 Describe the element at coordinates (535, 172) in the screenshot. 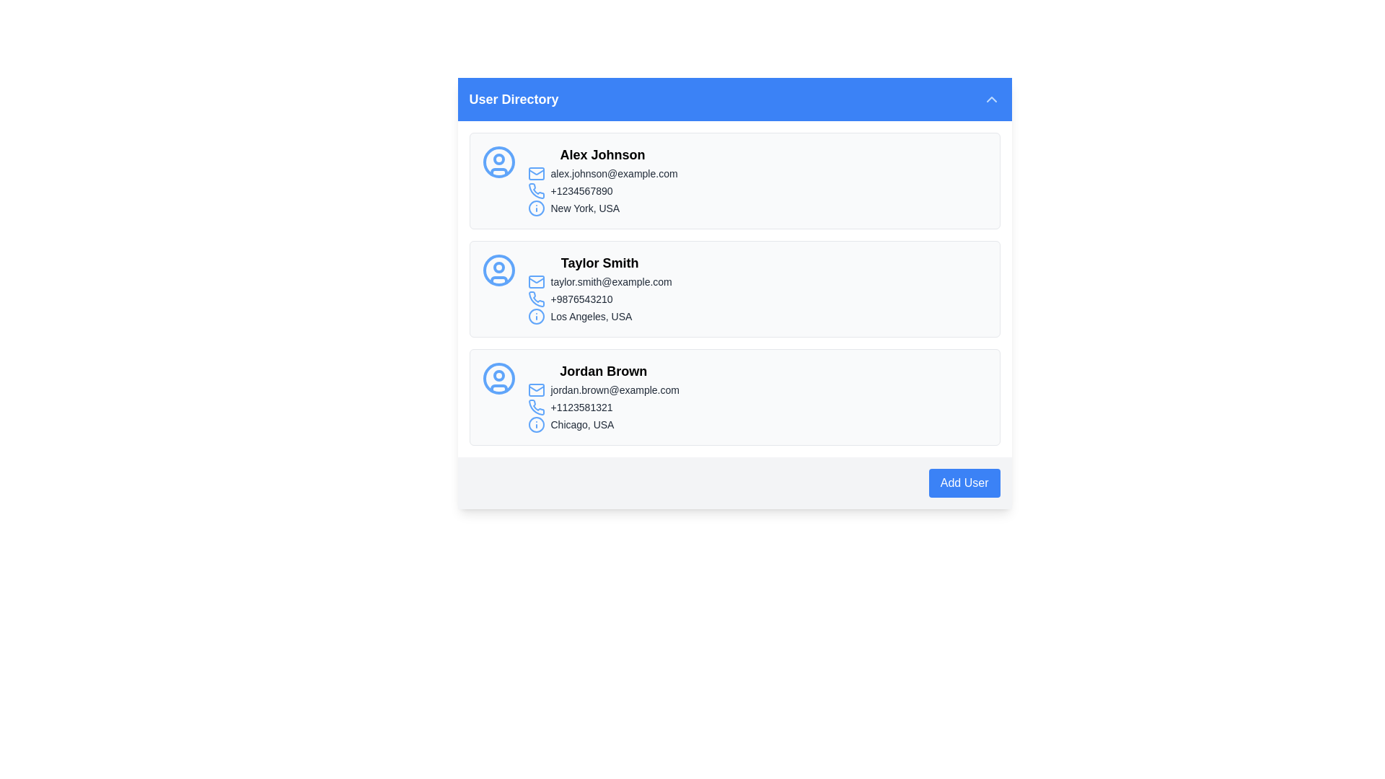

I see `the icon representing the email address of user Alex Johnson` at that location.